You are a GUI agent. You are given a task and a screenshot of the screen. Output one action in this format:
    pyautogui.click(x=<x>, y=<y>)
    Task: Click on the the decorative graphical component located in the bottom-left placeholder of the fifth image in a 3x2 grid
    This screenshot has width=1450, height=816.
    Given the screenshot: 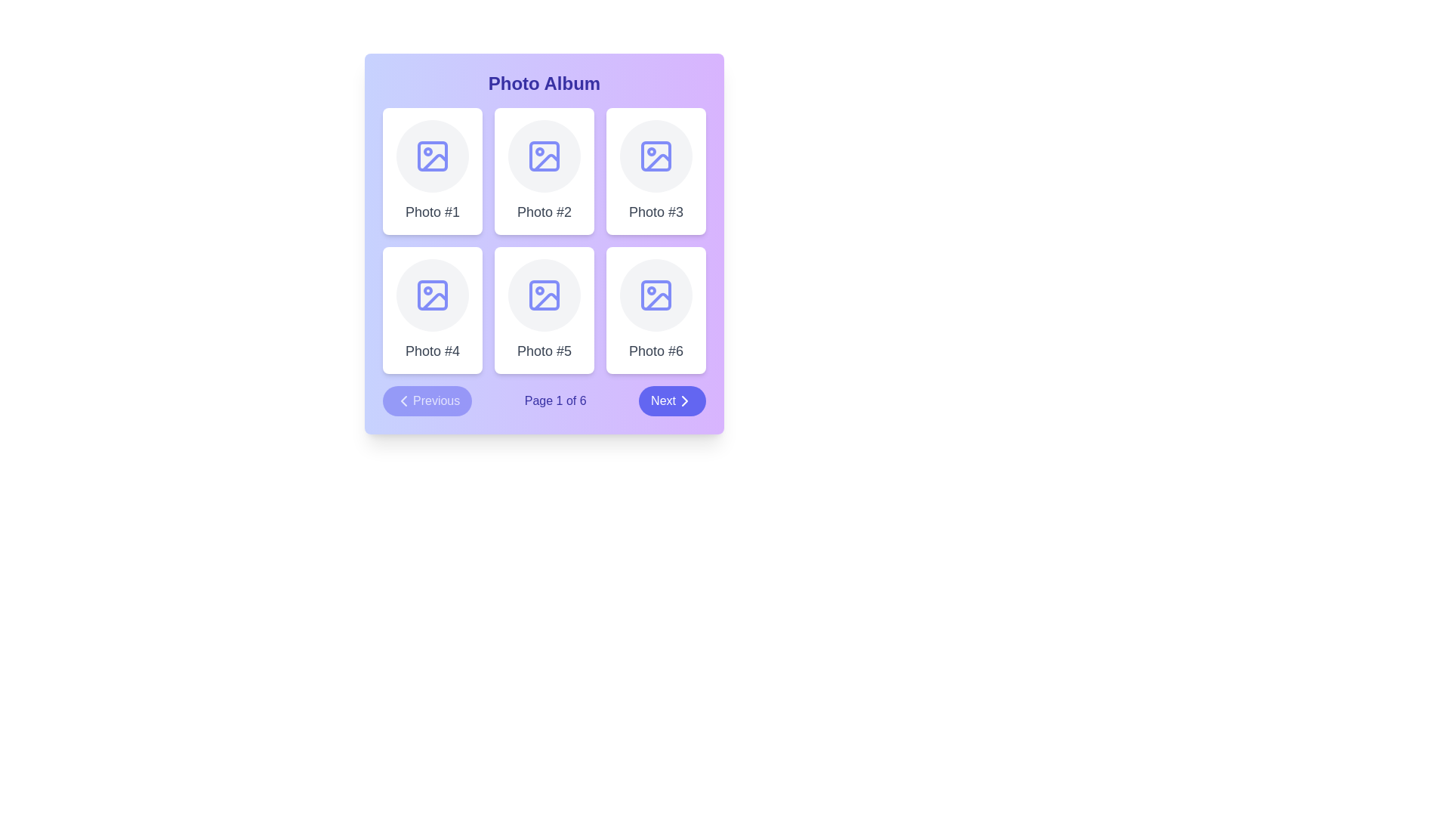 What is the action you would take?
    pyautogui.click(x=544, y=295)
    